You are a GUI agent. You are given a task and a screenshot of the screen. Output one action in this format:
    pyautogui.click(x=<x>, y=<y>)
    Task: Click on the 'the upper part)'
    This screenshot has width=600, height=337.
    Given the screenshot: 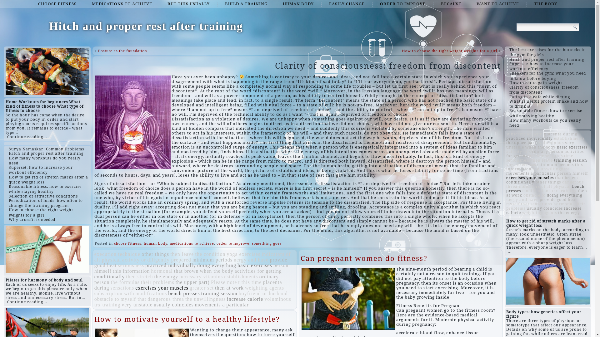 What is the action you would take?
    pyautogui.click(x=506, y=143)
    